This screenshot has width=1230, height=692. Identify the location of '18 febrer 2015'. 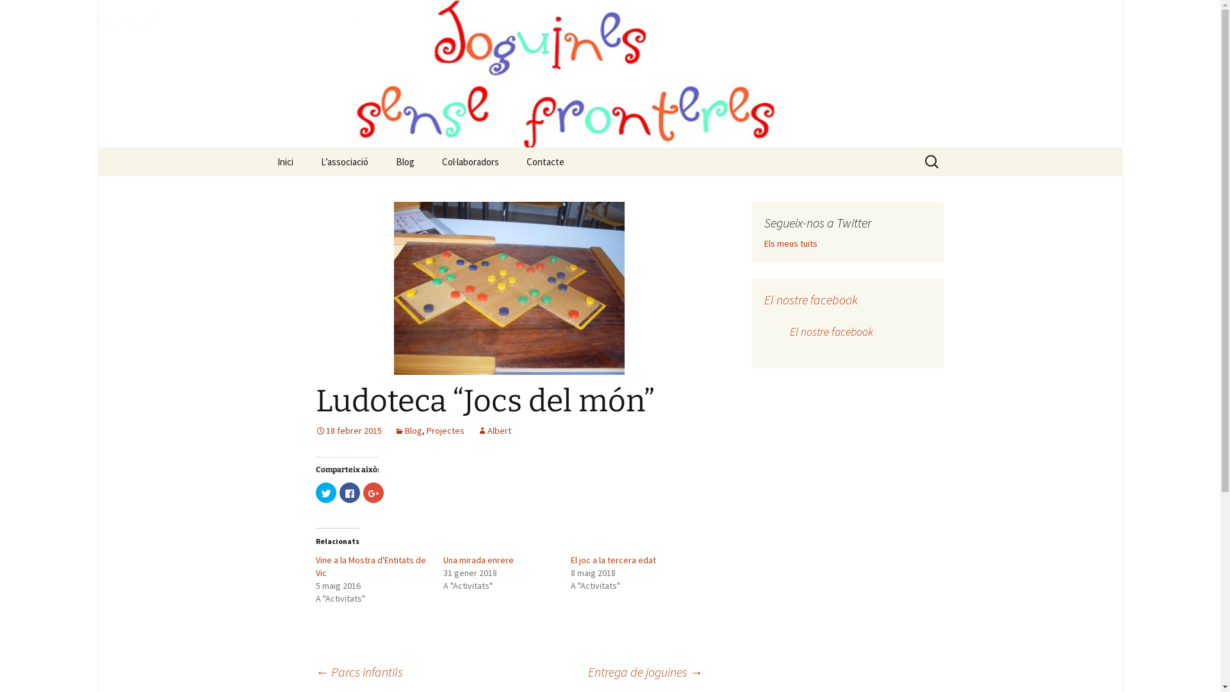
(348, 430).